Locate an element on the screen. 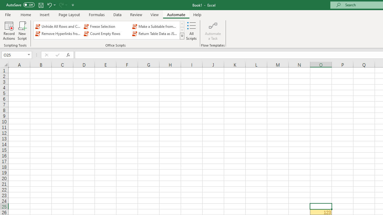 The image size is (383, 215). 'AutomationID: OfficeScriptsGallery' is located at coordinates (109, 30).